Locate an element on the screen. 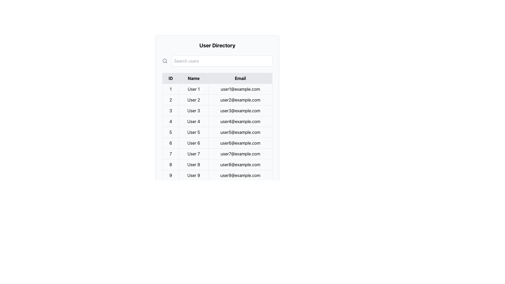 The height and width of the screenshot is (284, 505). text label displaying 'User 8' located in the middle column of the eighth row of the user directory table is located at coordinates (193, 164).